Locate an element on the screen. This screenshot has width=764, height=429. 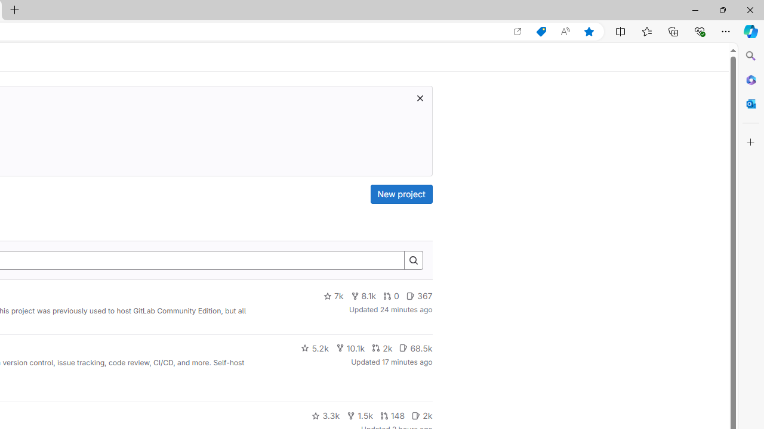
'Class: s14 gl-mr-2' is located at coordinates (416, 415).